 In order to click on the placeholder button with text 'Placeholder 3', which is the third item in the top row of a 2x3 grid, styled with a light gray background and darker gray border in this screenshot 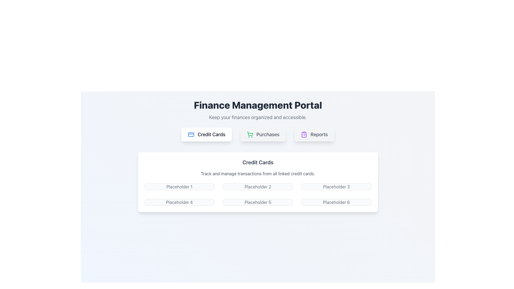, I will do `click(336, 187)`.